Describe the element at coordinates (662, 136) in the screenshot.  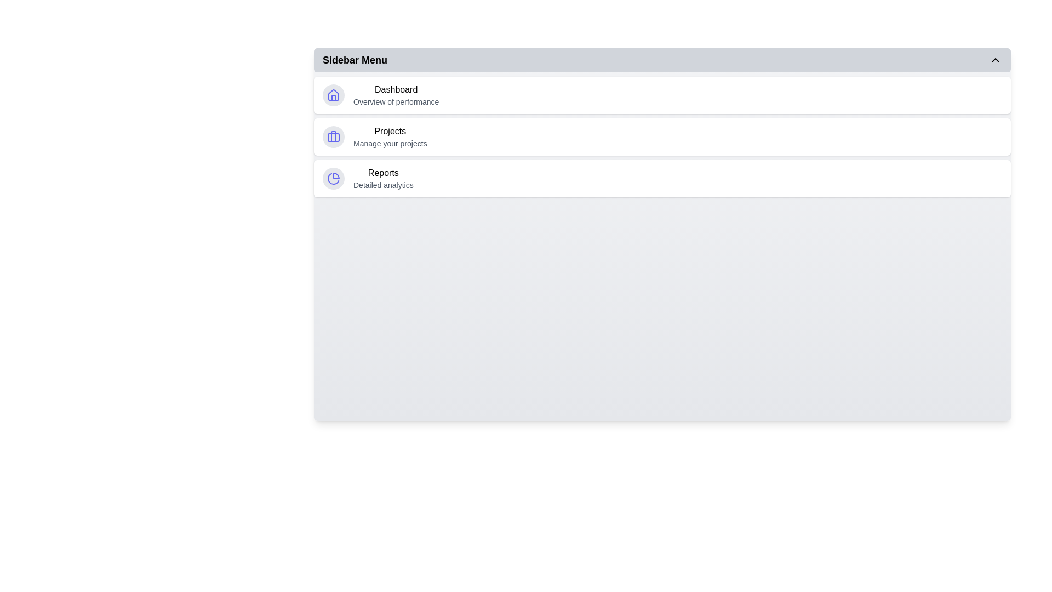
I see `the menu item Projects to navigate to the respective section` at that location.